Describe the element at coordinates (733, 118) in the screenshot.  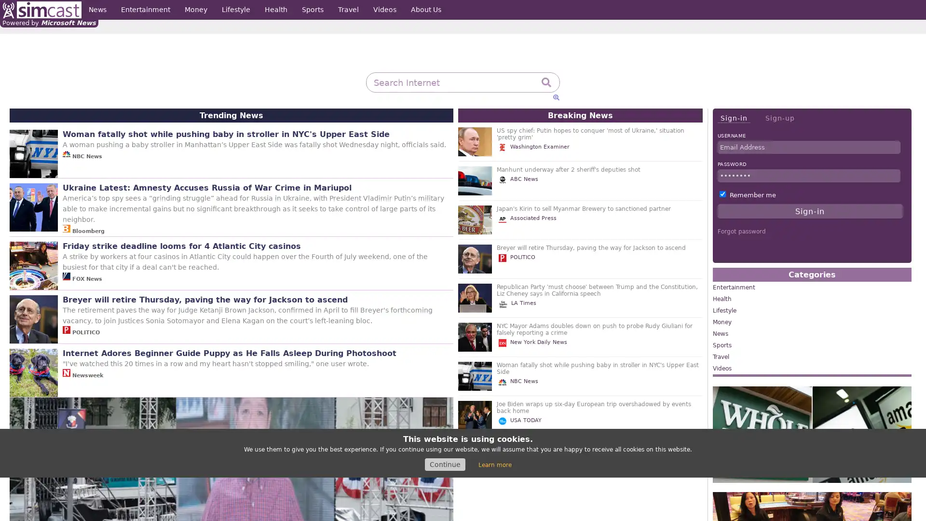
I see `Sign-in` at that location.